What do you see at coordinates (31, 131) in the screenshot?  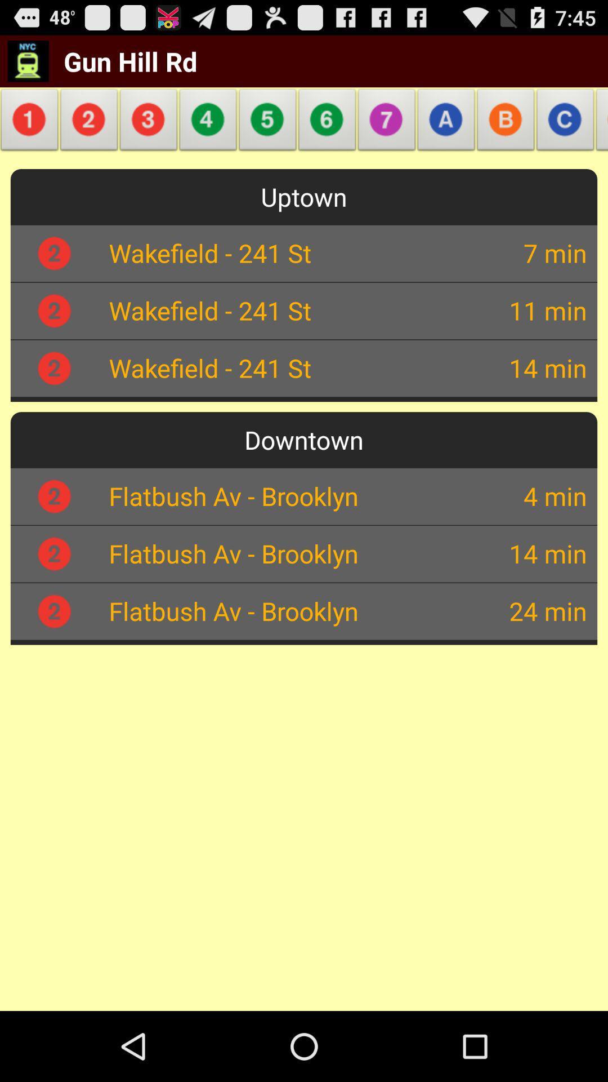 I see `the info icon` at bounding box center [31, 131].